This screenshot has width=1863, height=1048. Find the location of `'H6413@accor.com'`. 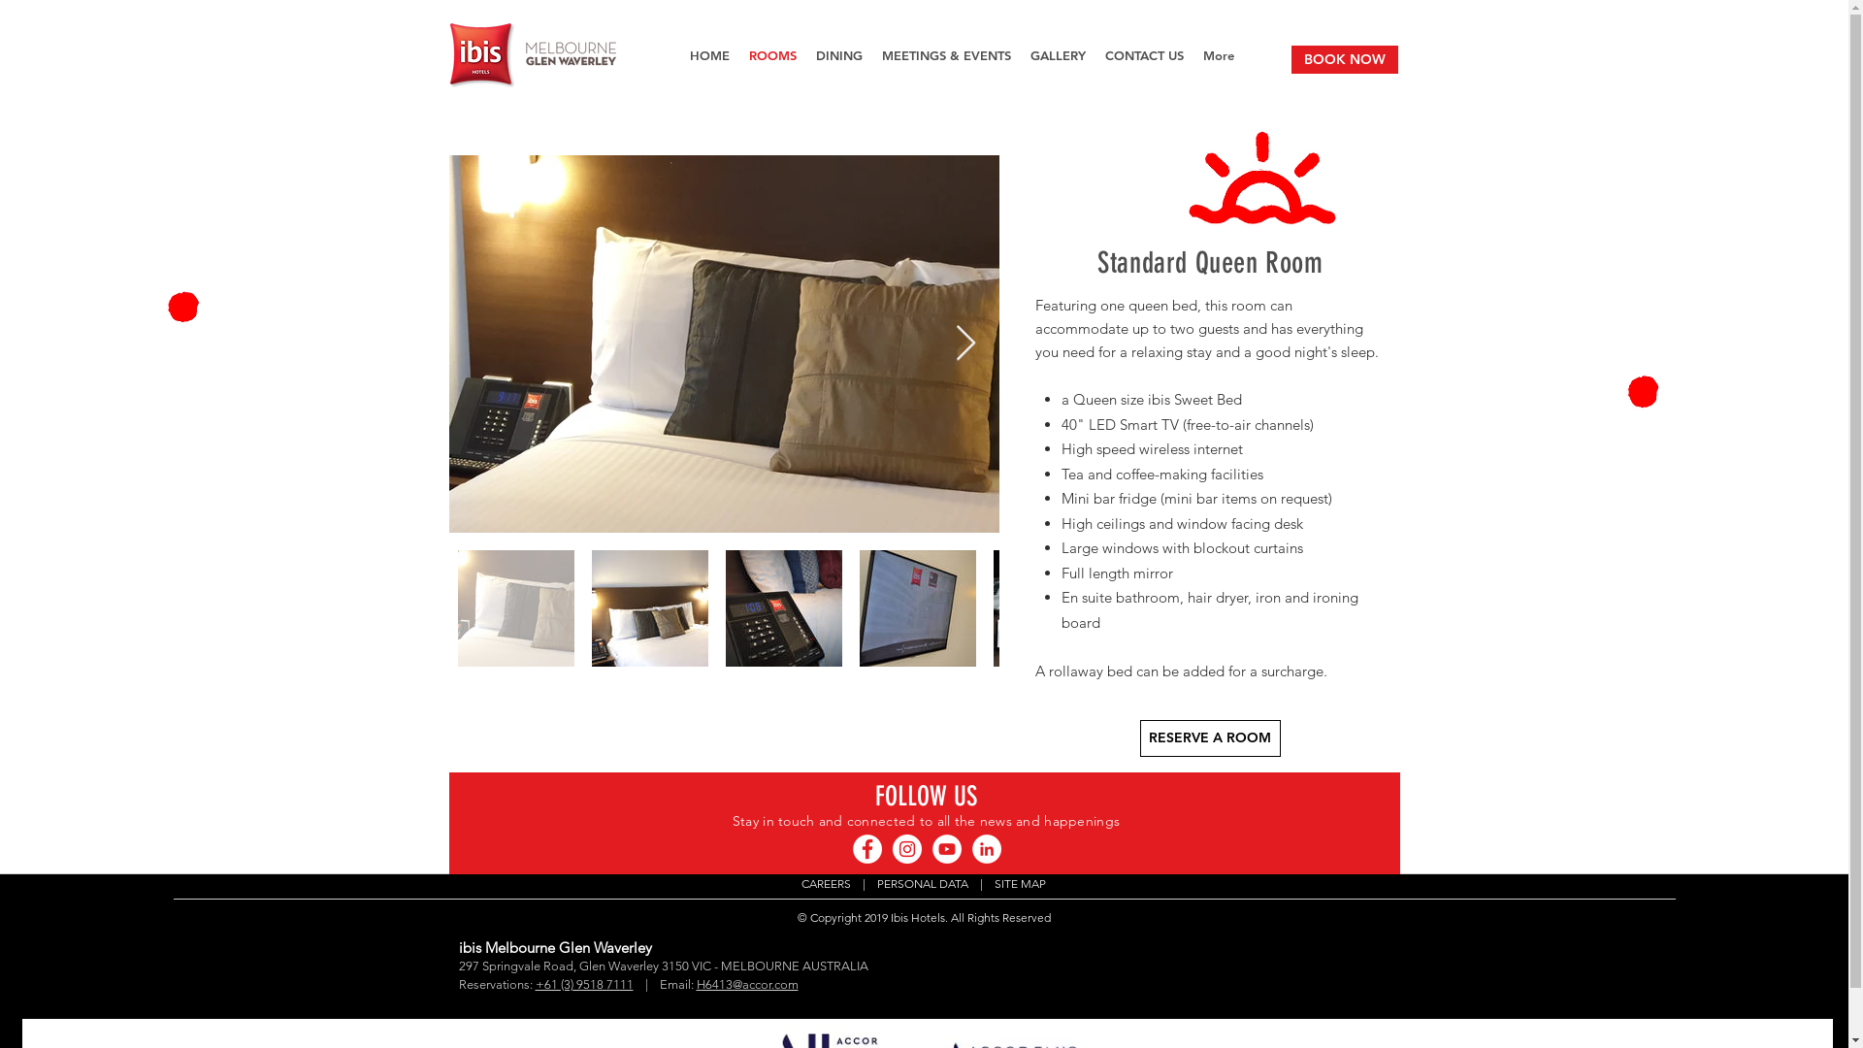

'H6413@accor.com' is located at coordinates (746, 984).